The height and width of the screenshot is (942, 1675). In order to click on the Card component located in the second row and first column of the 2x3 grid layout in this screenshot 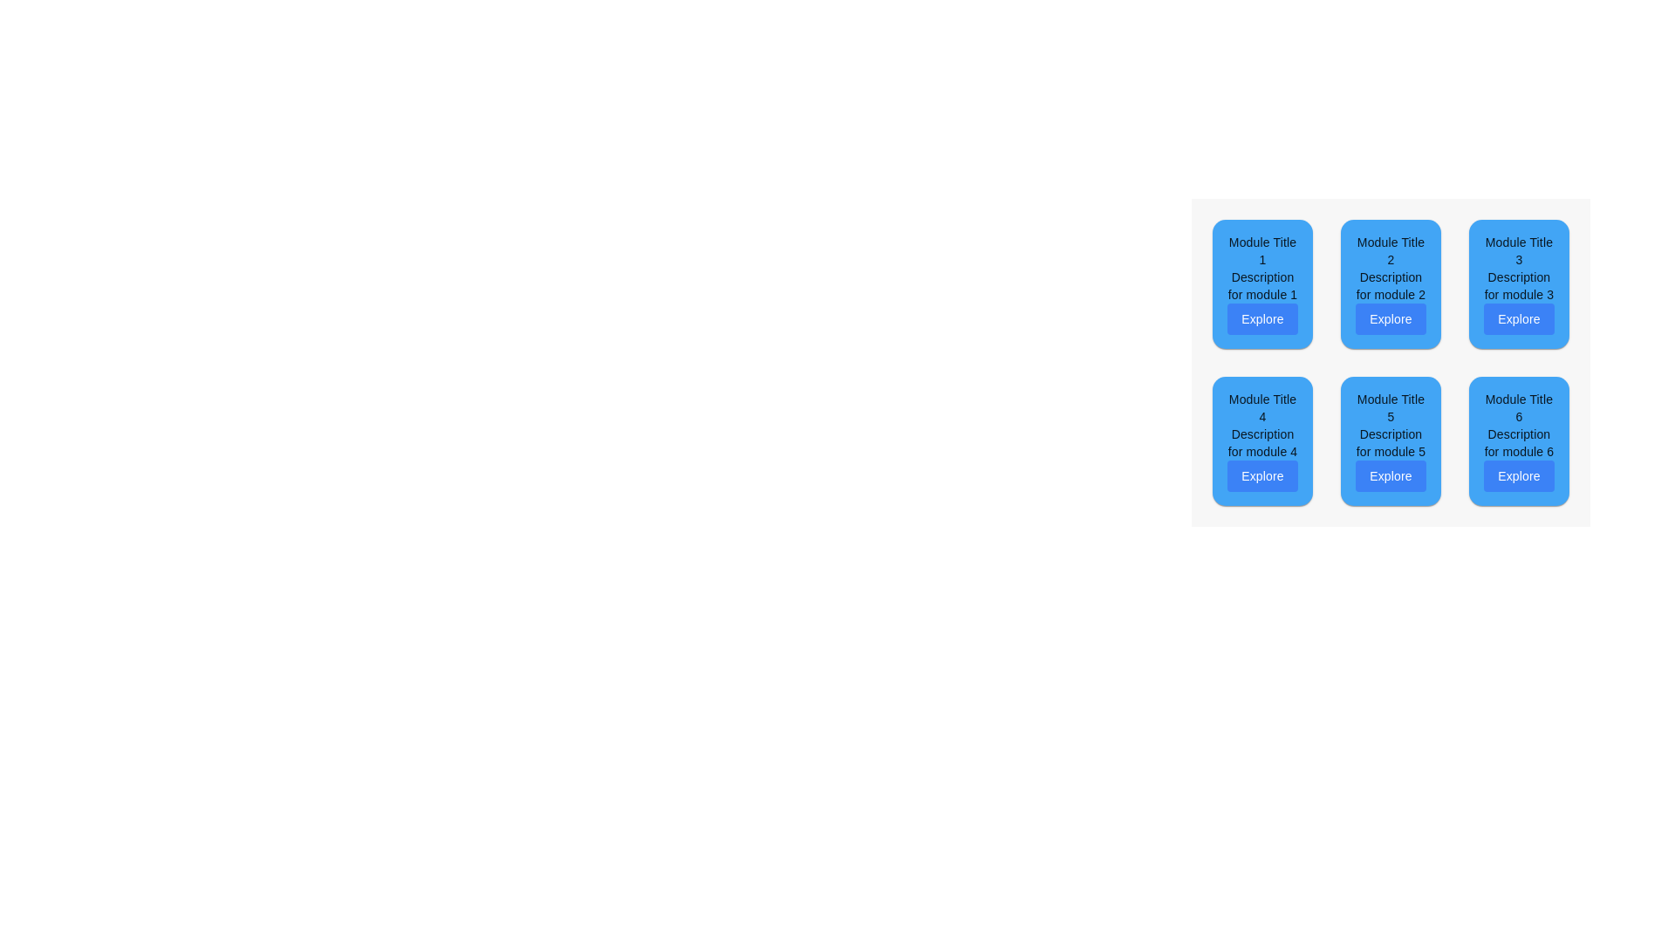, I will do `click(1262, 440)`.